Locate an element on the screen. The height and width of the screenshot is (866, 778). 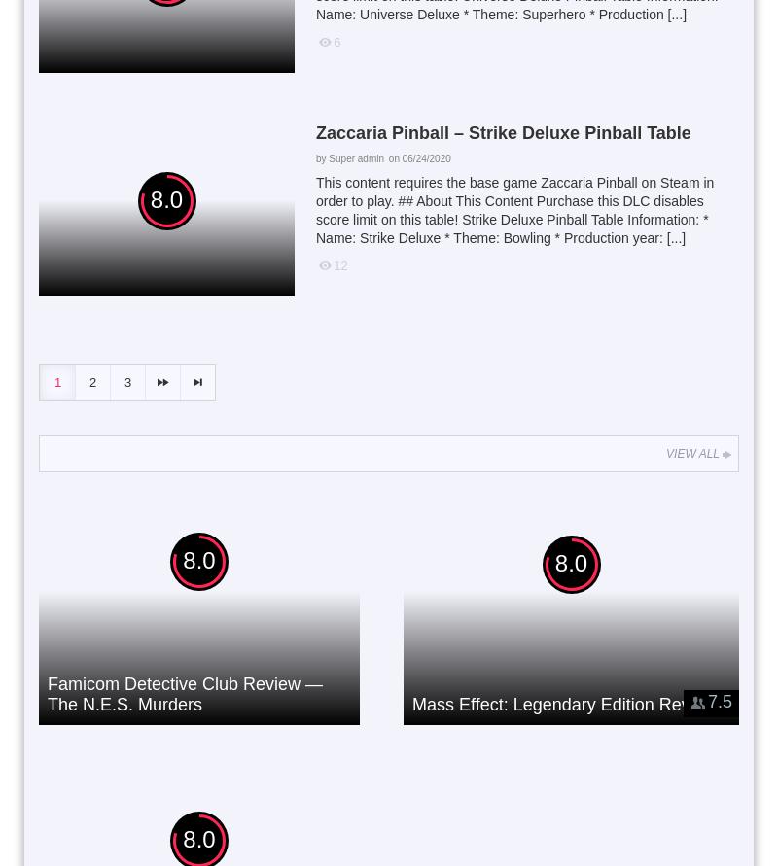
'6' is located at coordinates (336, 41).